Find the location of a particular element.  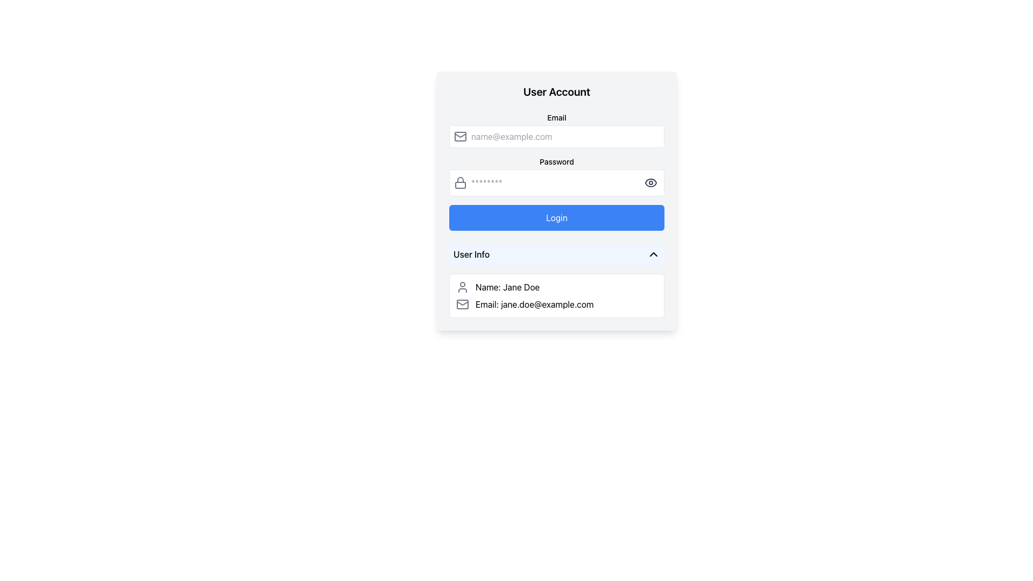

the Static Text Header that indicates the form's purpose for managing or viewing a user account, positioned at the top center of the form is located at coordinates (557, 91).